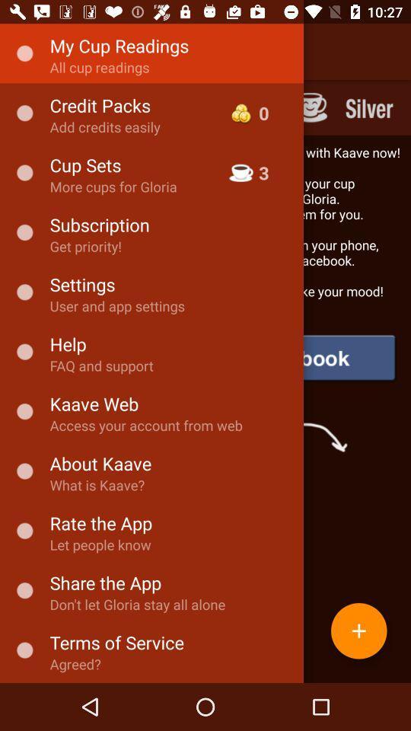 The height and width of the screenshot is (731, 411). I want to click on the skip_next icon, so click(147, 107).